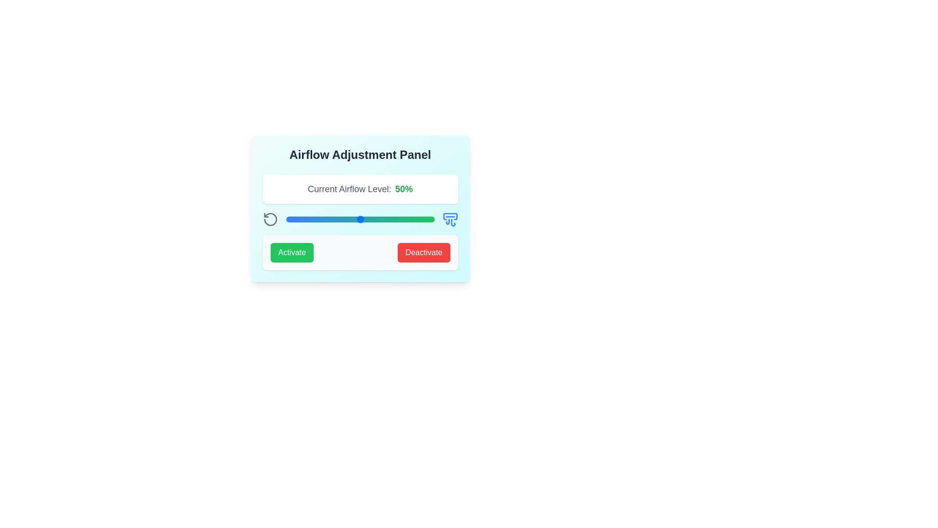  I want to click on the airflow level to 92% by moving the slider, so click(423, 219).